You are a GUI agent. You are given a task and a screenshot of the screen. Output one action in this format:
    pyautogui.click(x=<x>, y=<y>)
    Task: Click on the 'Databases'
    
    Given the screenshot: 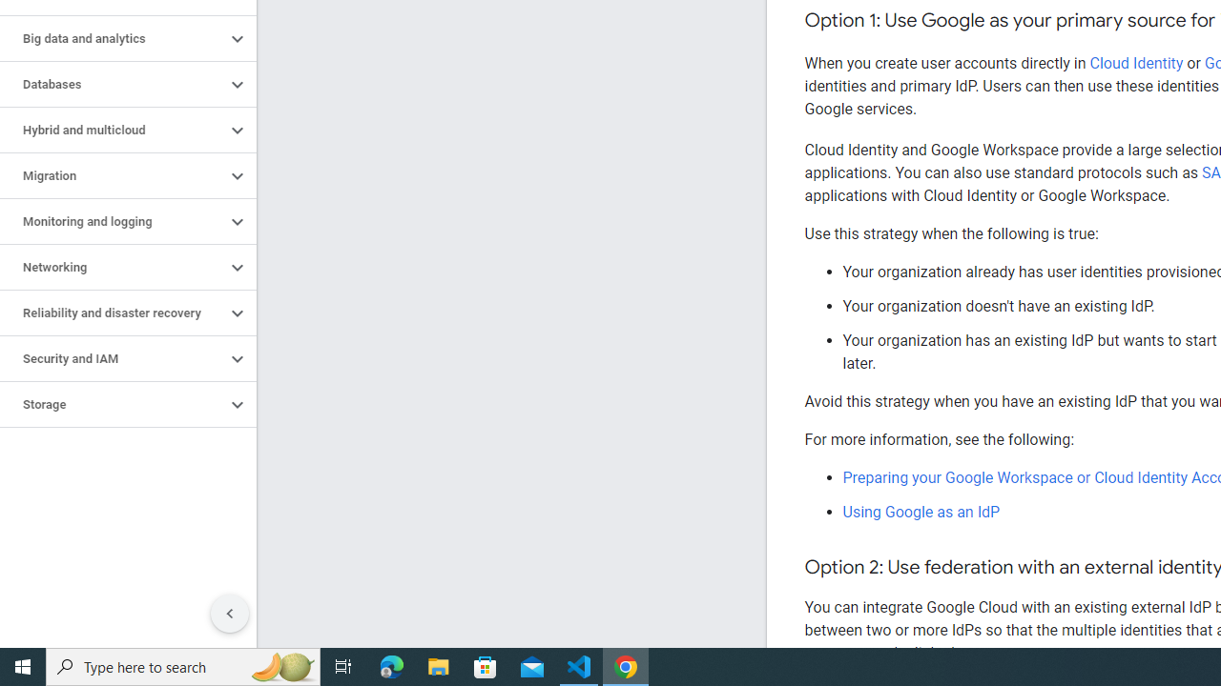 What is the action you would take?
    pyautogui.click(x=112, y=83)
    